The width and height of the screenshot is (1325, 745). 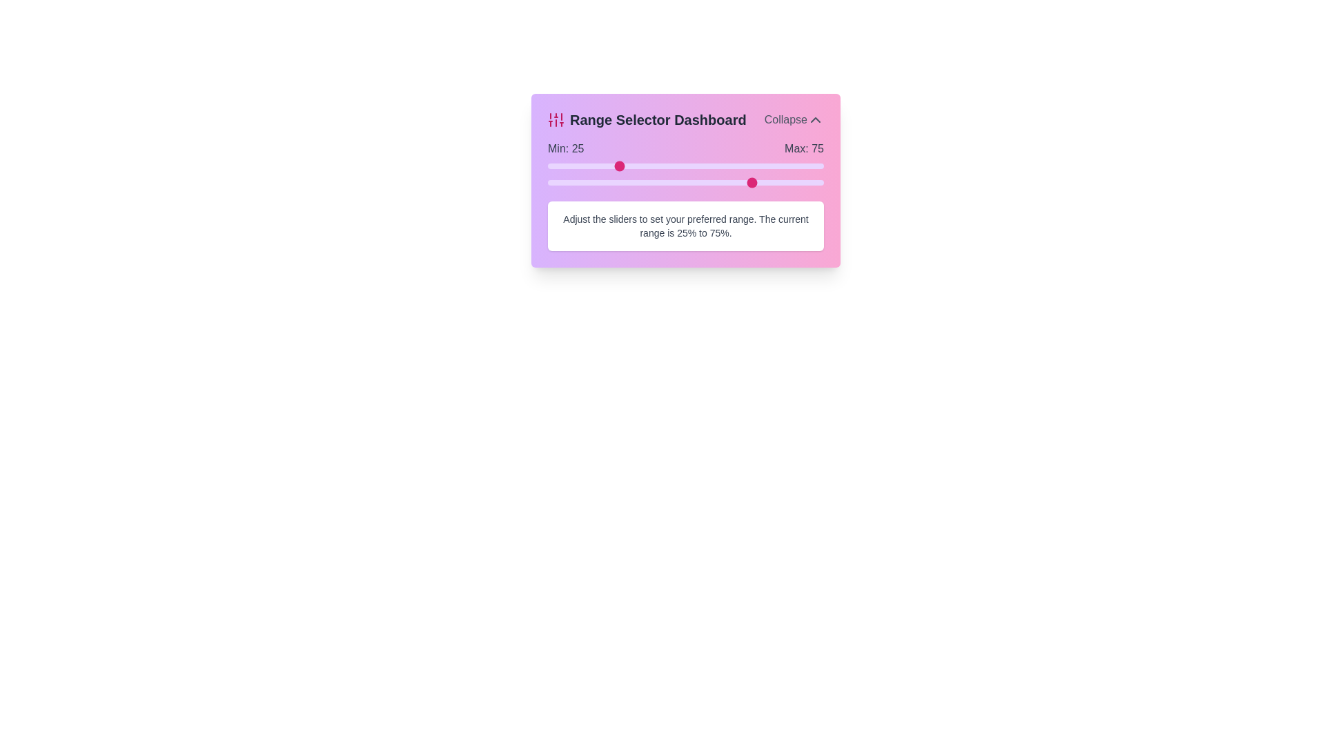 I want to click on the minimum range slider to 26%, so click(x=618, y=165).